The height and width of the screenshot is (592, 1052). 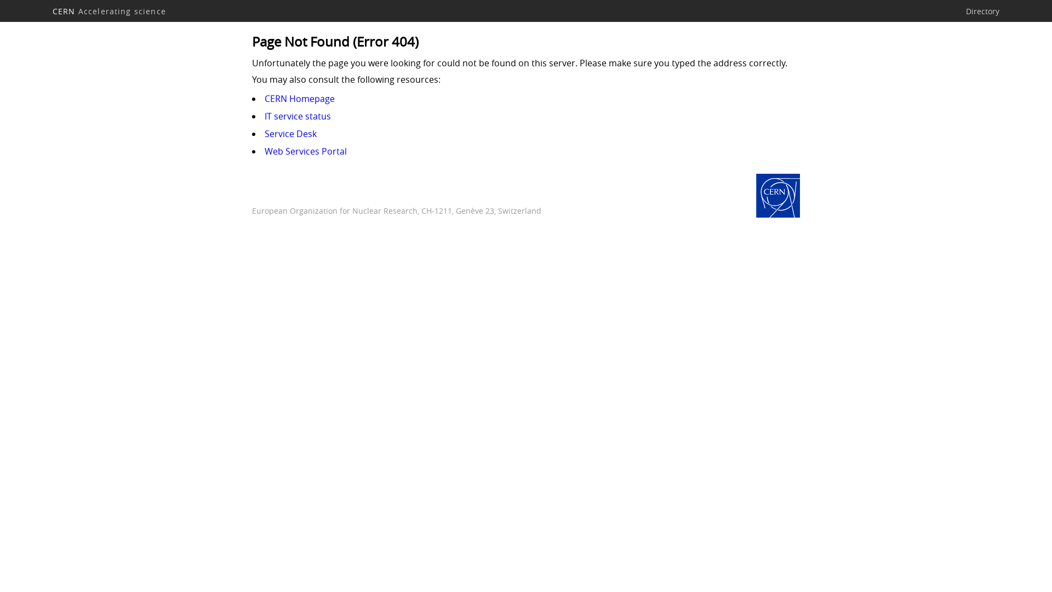 What do you see at coordinates (982, 10) in the screenshot?
I see `'Directory'` at bounding box center [982, 10].